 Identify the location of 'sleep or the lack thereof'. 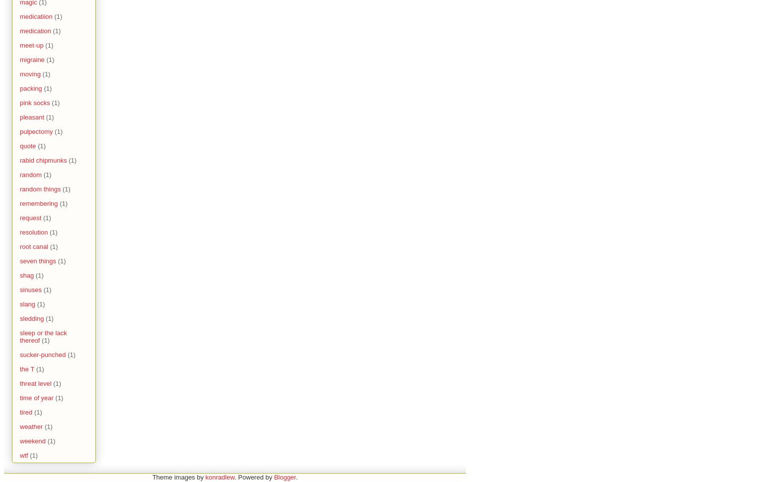
(42, 336).